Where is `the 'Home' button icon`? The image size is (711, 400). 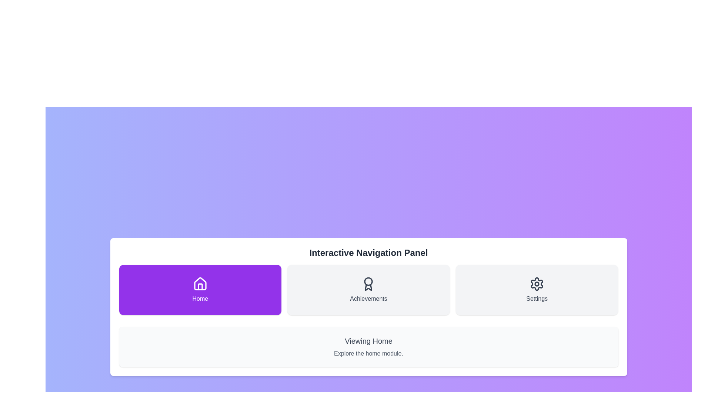 the 'Home' button icon is located at coordinates (200, 284).